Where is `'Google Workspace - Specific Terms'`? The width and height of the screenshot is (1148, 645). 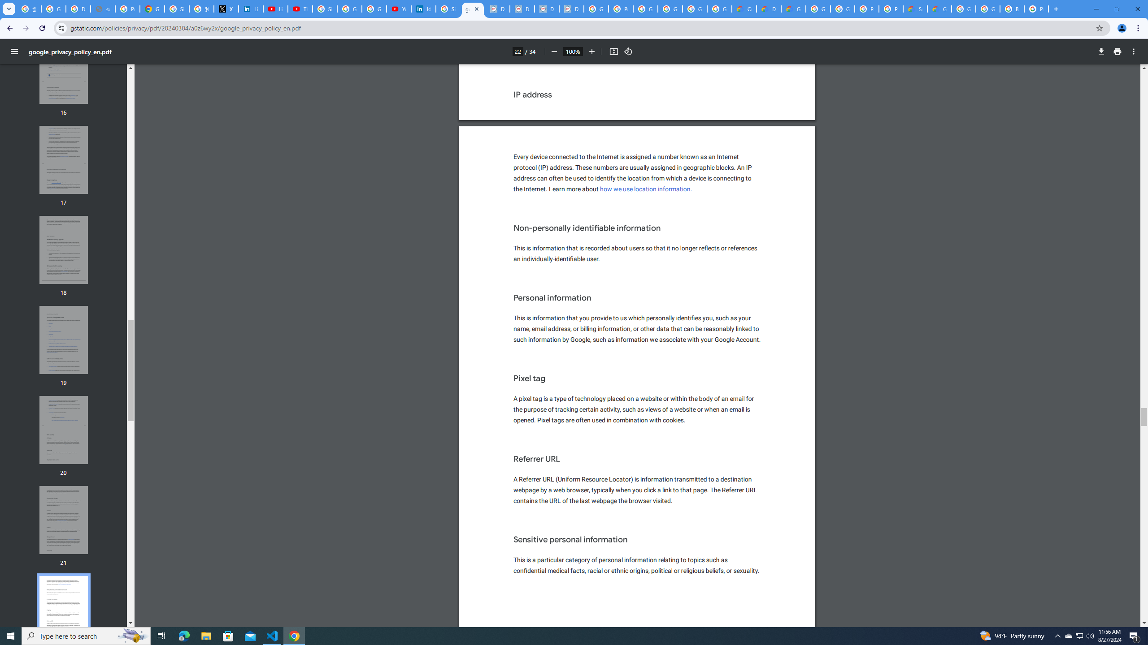 'Google Workspace - Specific Terms' is located at coordinates (718, 9).